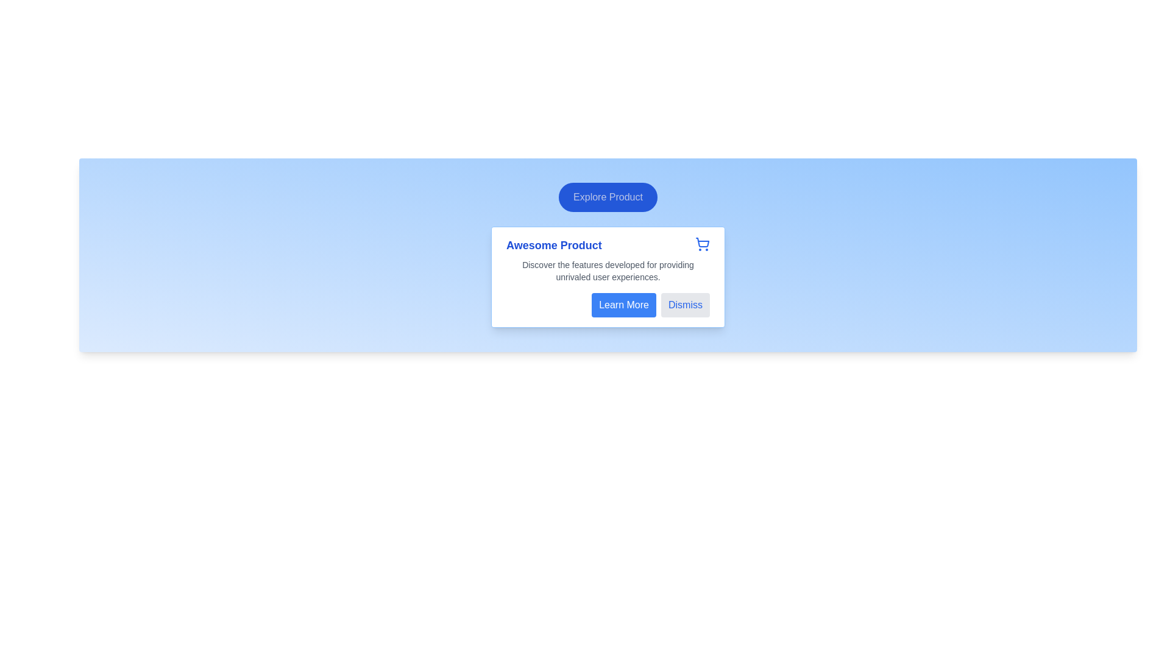 The width and height of the screenshot is (1170, 658). Describe the element at coordinates (608, 305) in the screenshot. I see `the horizontal button group located at the bottom-right of the white card box` at that location.